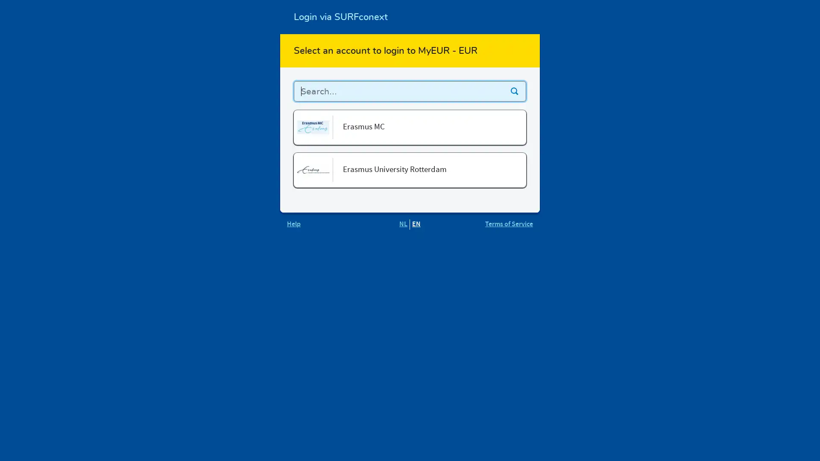 This screenshot has height=461, width=820. What do you see at coordinates (502, 177) in the screenshot?
I see `Login` at bounding box center [502, 177].